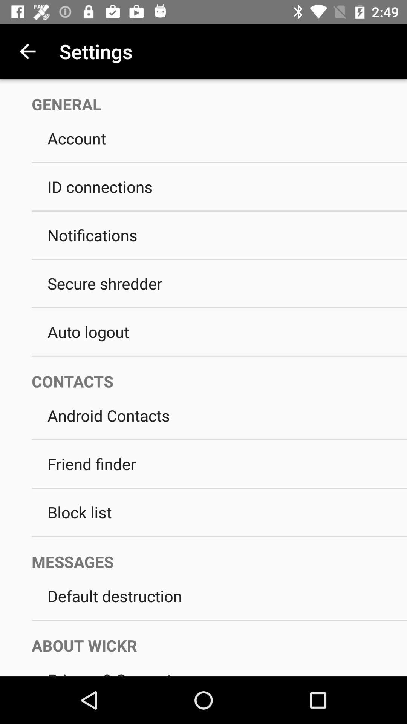 This screenshot has width=407, height=724. I want to click on icon above friend finder icon, so click(219, 440).